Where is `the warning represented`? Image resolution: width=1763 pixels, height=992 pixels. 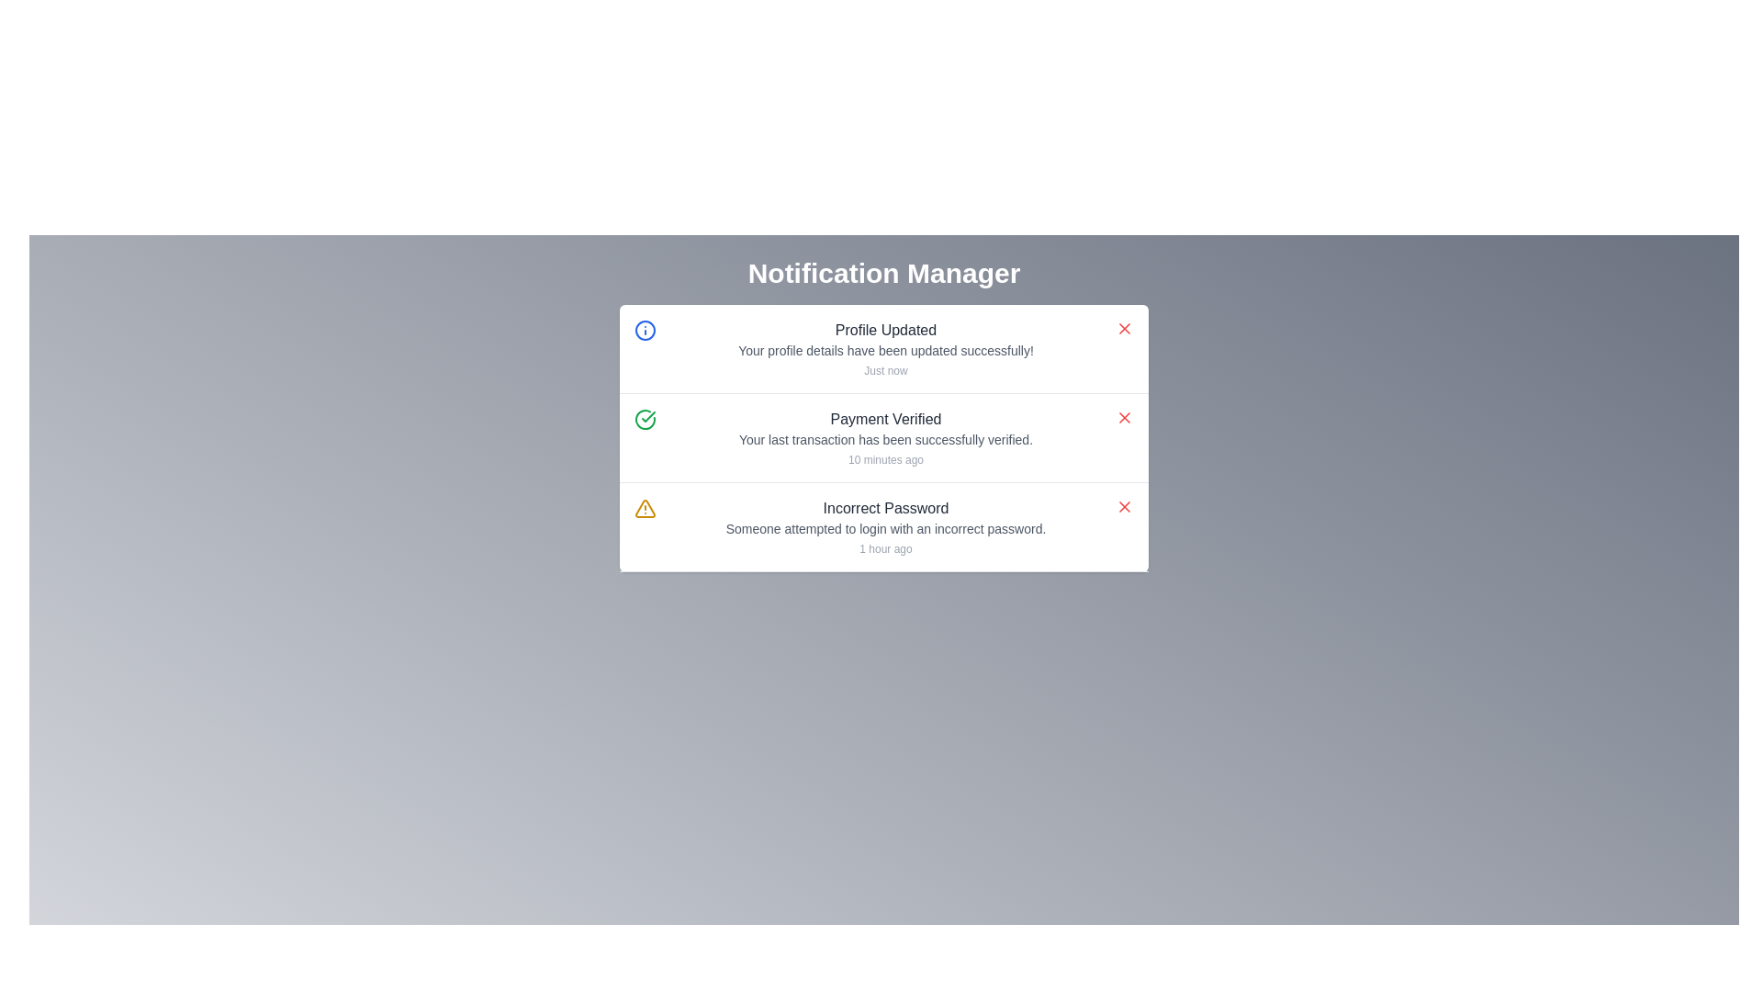 the warning represented is located at coordinates (645, 509).